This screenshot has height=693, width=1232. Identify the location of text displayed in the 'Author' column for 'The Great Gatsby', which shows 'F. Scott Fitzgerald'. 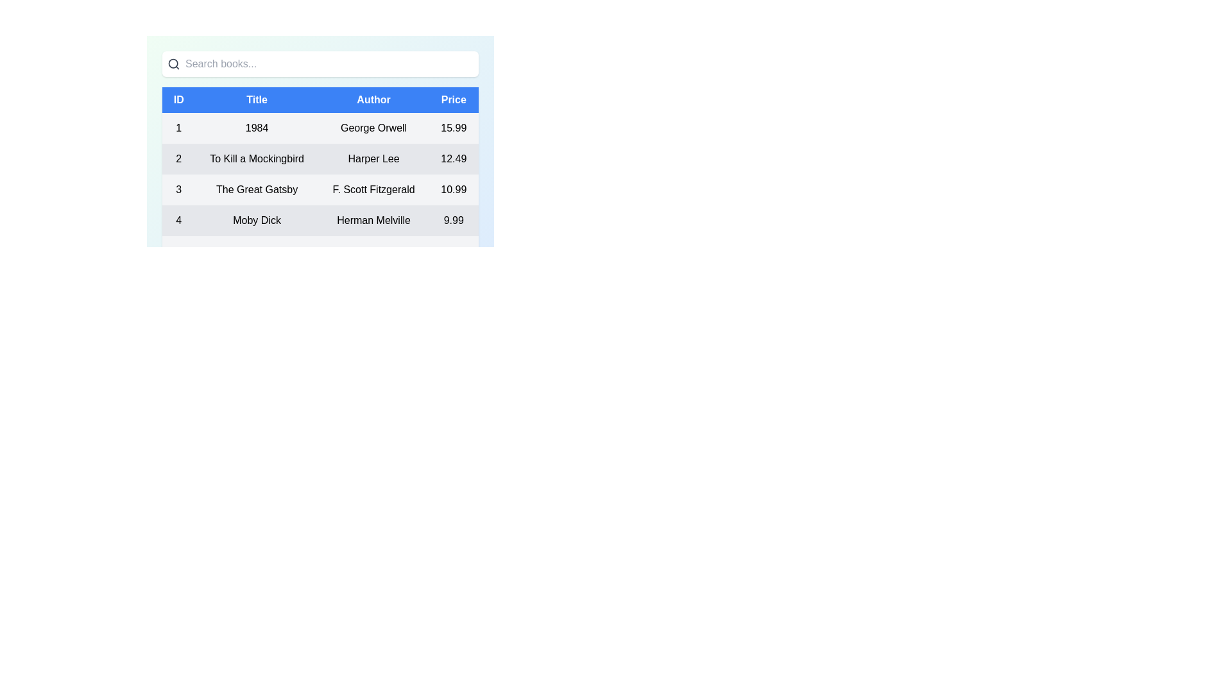
(373, 190).